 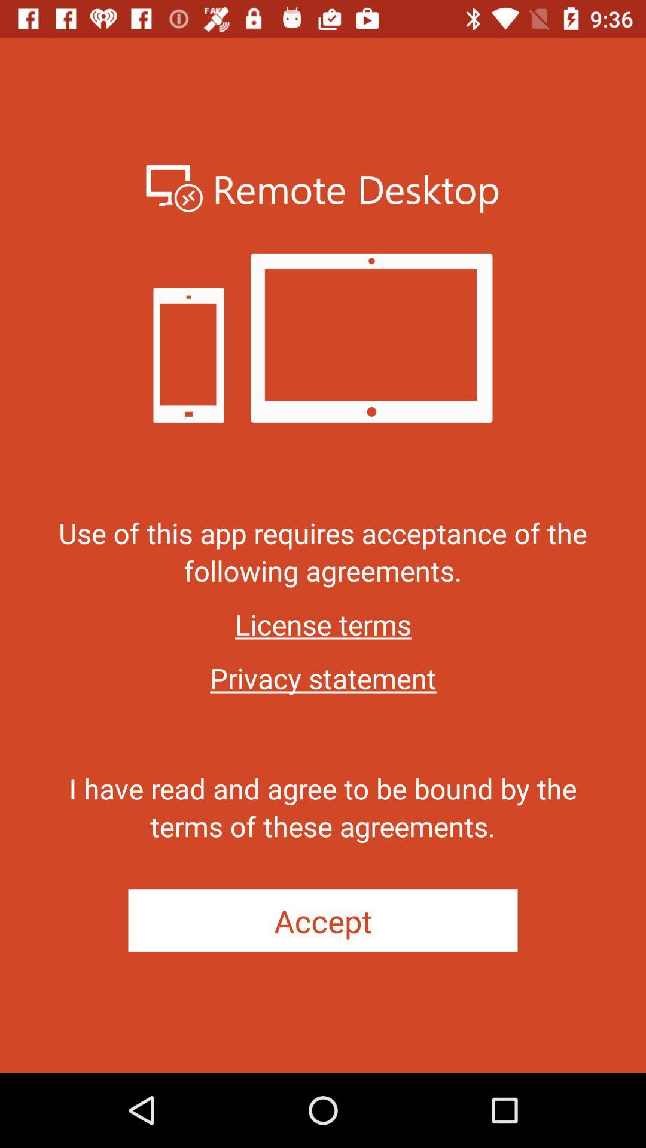 What do you see at coordinates (323, 920) in the screenshot?
I see `accept item` at bounding box center [323, 920].